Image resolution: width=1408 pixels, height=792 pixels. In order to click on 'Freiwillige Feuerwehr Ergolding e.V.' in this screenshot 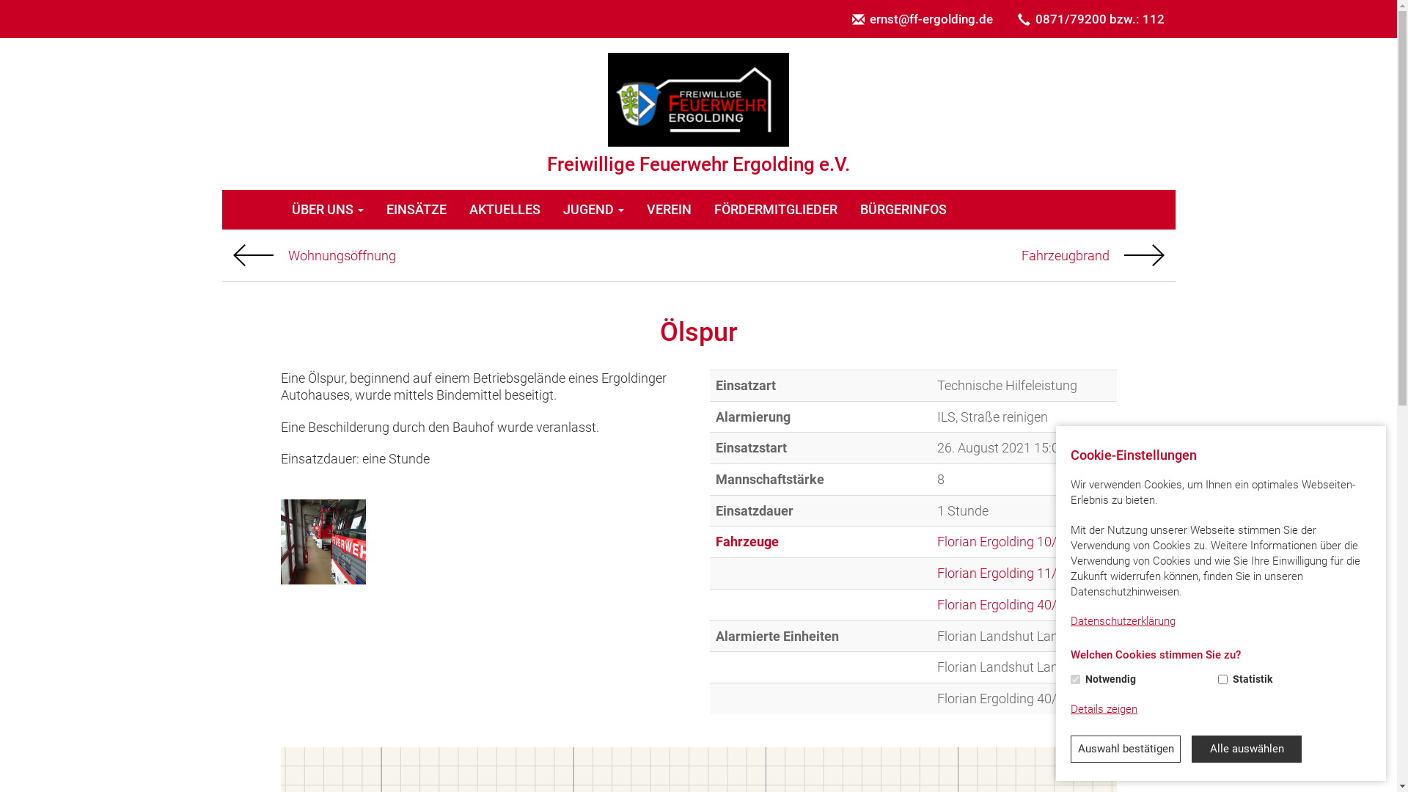, I will do `click(697, 113)`.